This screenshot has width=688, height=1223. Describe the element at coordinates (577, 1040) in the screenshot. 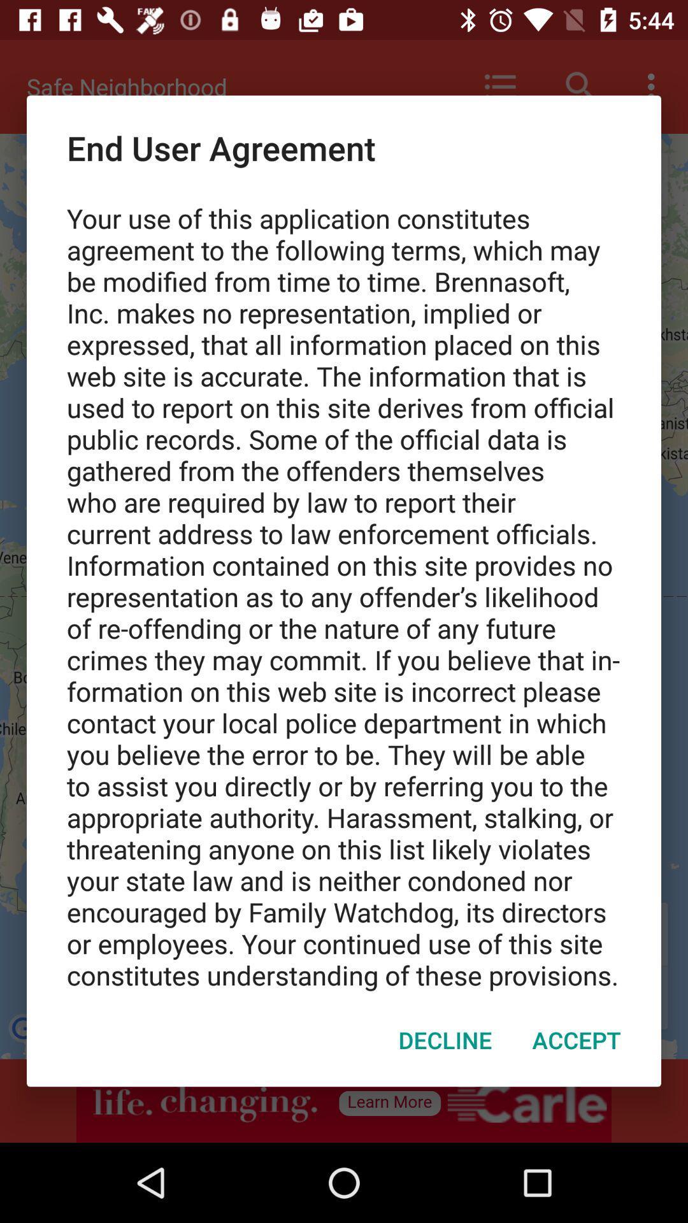

I see `the item to the right of the decline item` at that location.